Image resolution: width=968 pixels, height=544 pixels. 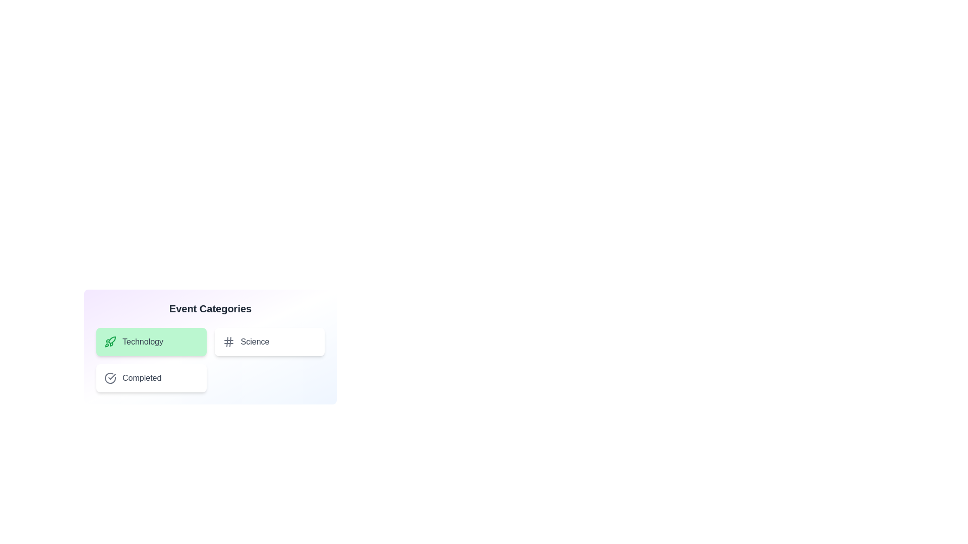 What do you see at coordinates (151, 341) in the screenshot?
I see `the category chip labeled Technology` at bounding box center [151, 341].